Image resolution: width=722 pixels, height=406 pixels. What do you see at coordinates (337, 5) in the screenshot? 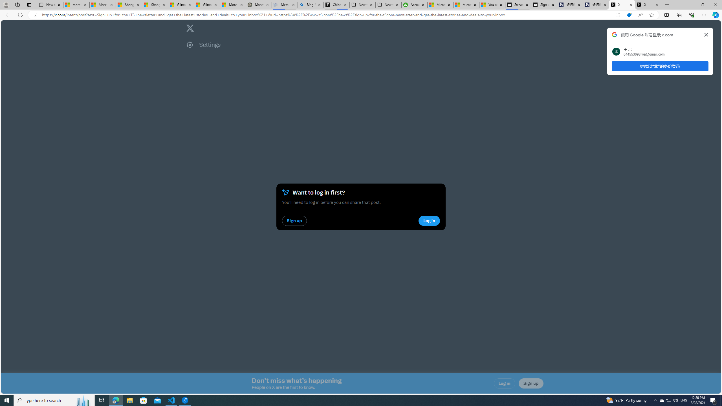
I see `'Chloe Sorvino'` at bounding box center [337, 5].